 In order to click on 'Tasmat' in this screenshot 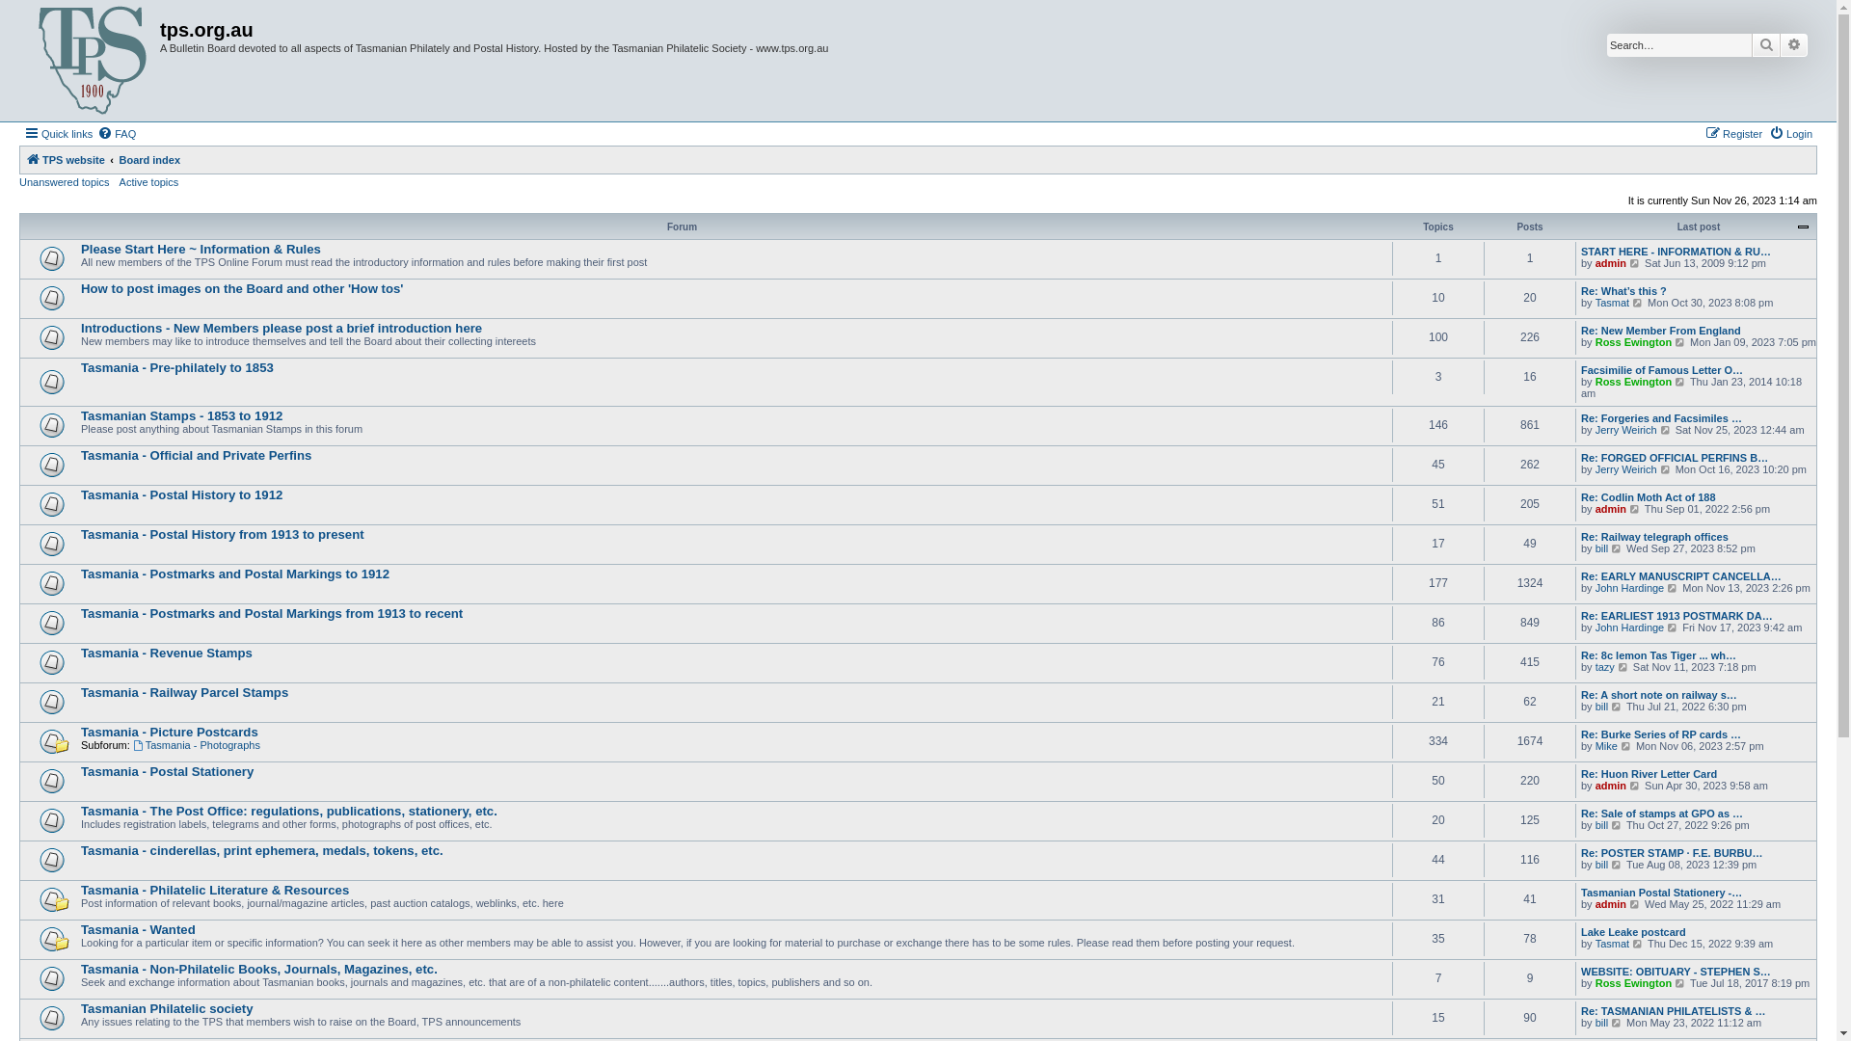, I will do `click(1596, 943)`.